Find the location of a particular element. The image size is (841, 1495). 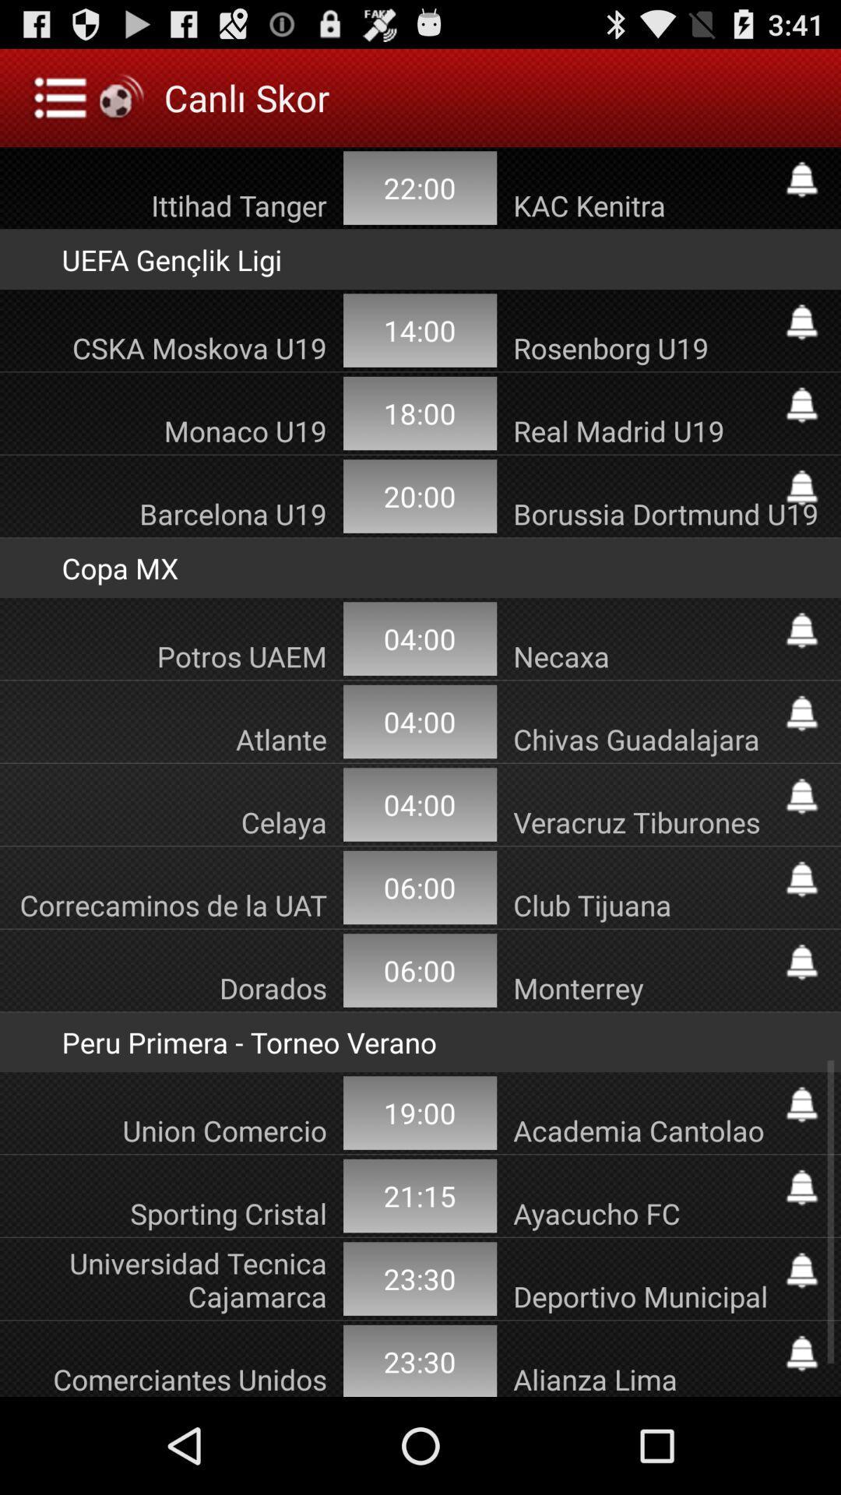

alarm option is located at coordinates (801, 1187).